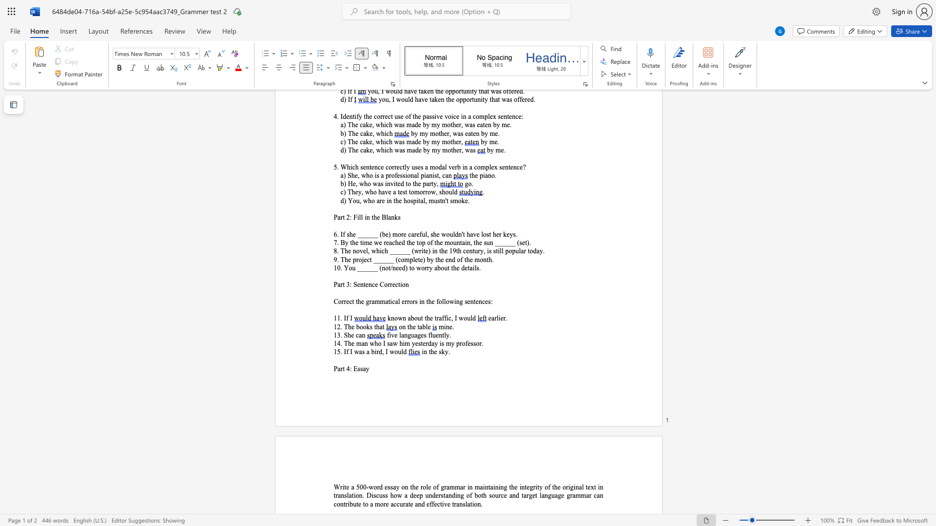 The height and width of the screenshot is (526, 936). Describe the element at coordinates (433, 504) in the screenshot. I see `the space between the continuous character "f" and "e" in the text` at that location.